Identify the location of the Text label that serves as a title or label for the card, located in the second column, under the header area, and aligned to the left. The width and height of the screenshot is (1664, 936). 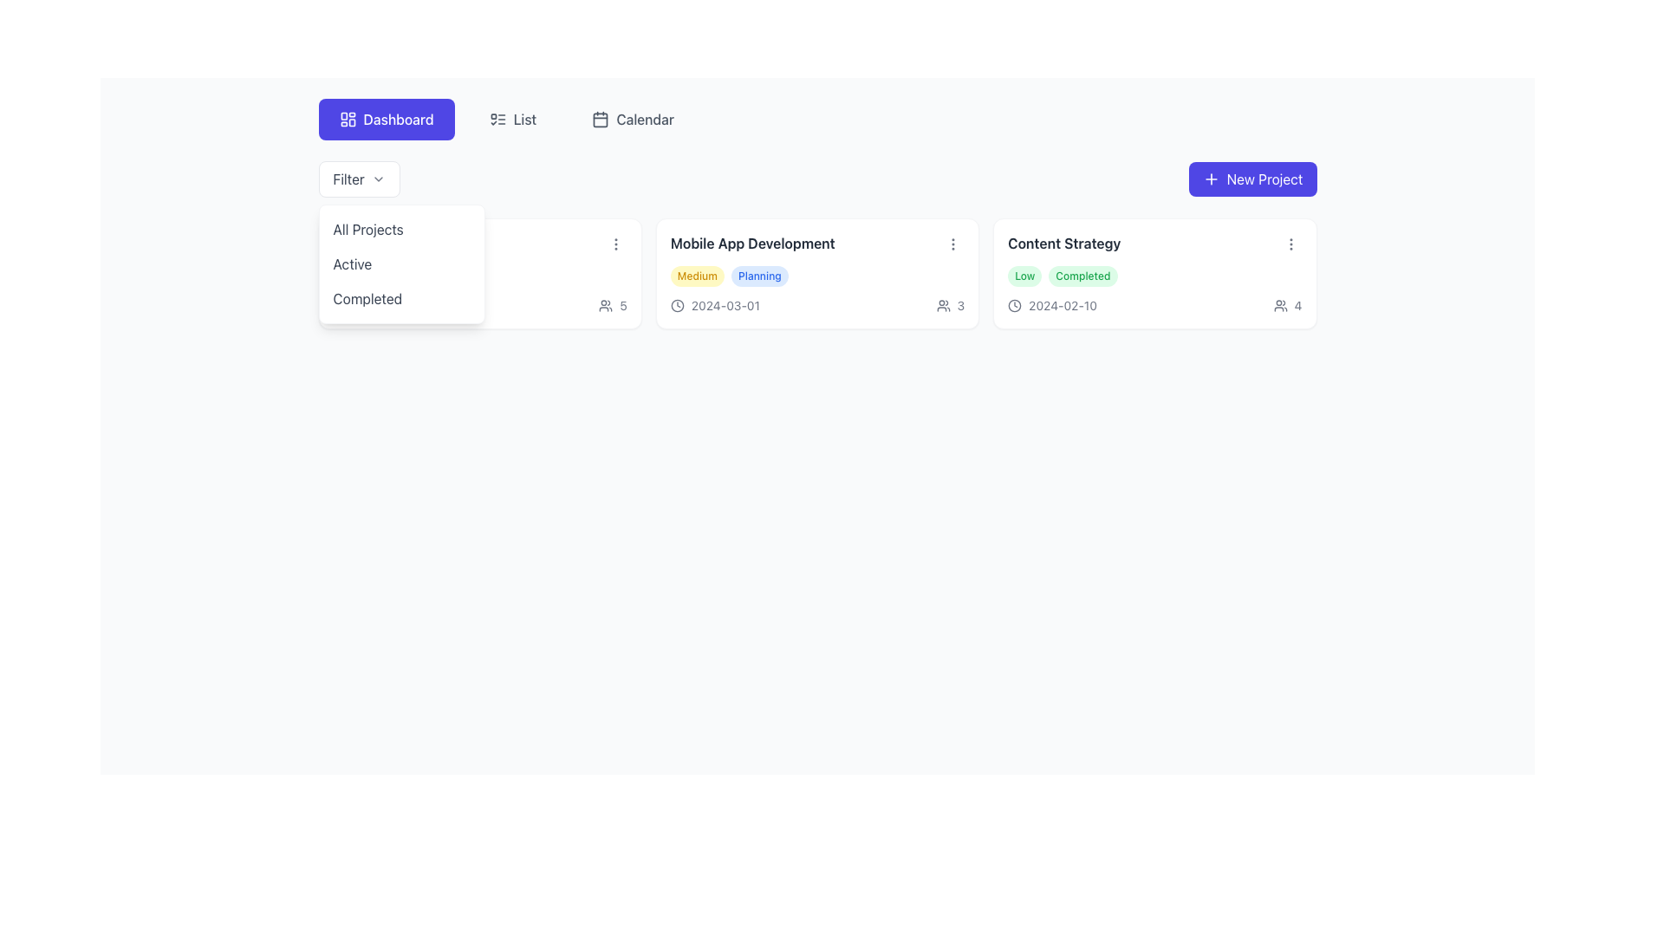
(752, 244).